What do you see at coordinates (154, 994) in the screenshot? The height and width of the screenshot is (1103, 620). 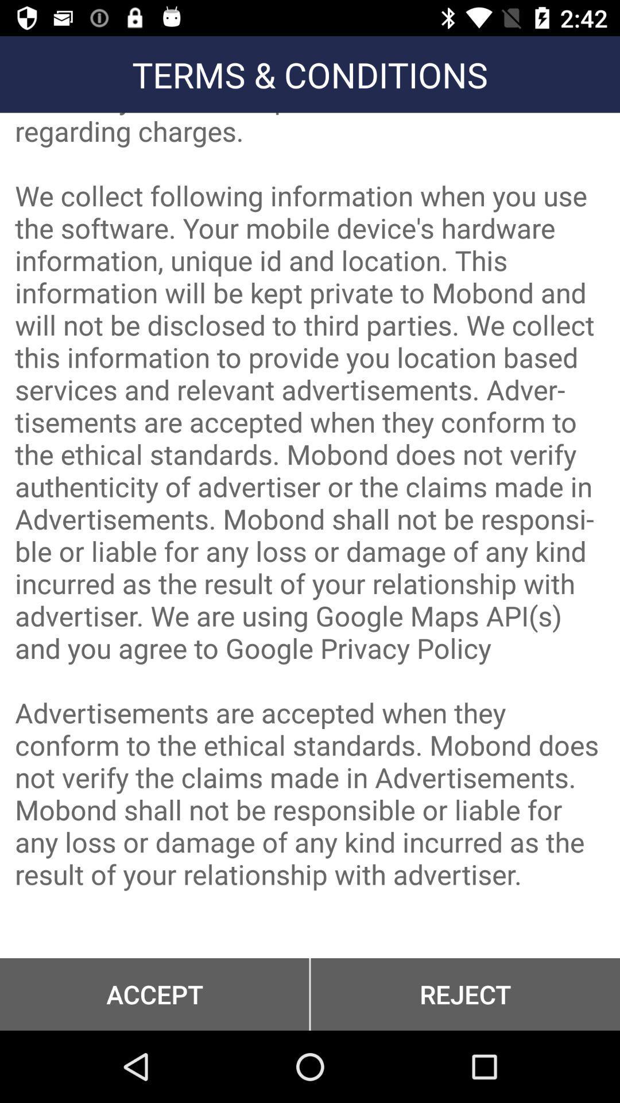 I see `app below the please read these app` at bounding box center [154, 994].